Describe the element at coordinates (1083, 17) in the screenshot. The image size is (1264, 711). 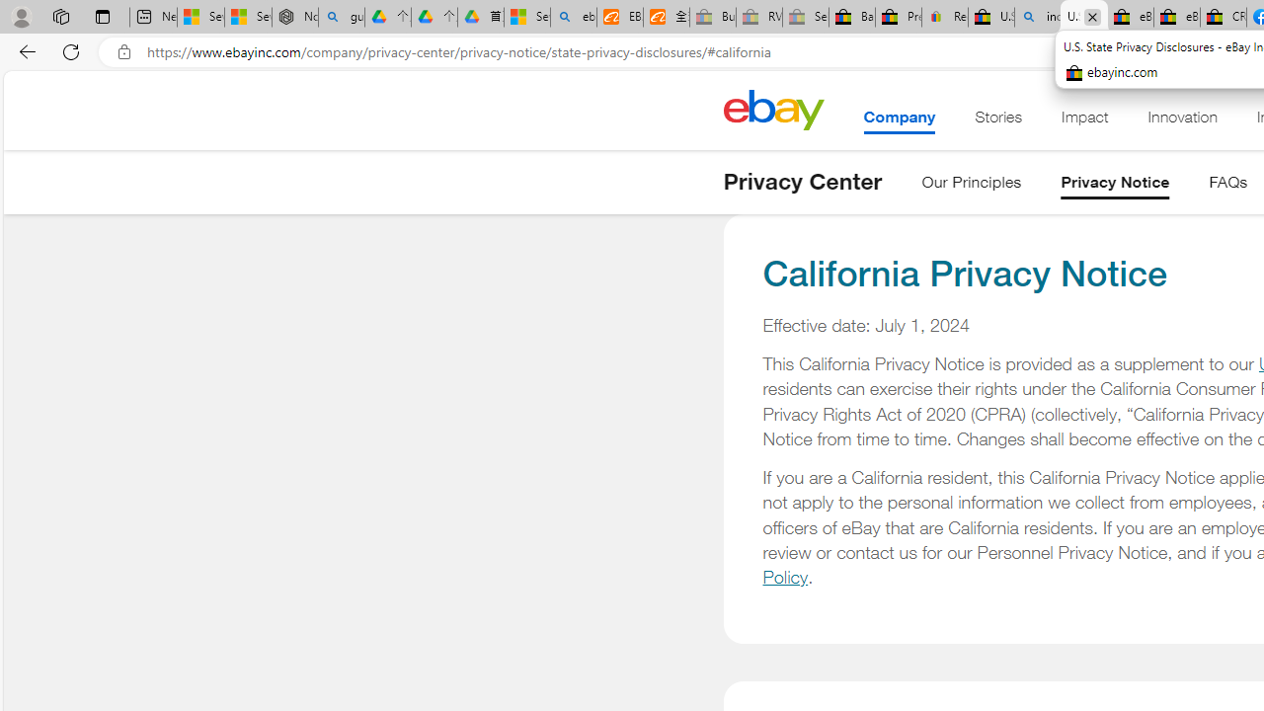
I see `'U.S. State Privacy Disclosures - eBay Inc.'` at that location.